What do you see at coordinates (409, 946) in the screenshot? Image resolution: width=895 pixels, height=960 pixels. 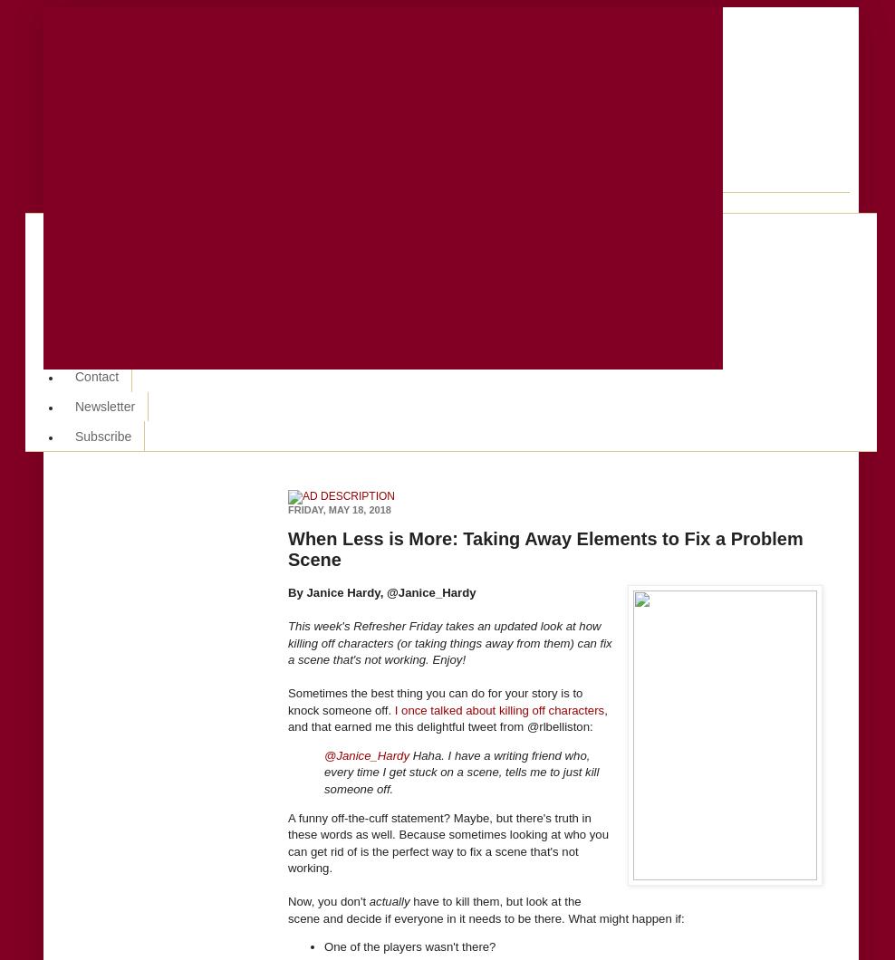 I see `'One of the players wasn't there?'` at bounding box center [409, 946].